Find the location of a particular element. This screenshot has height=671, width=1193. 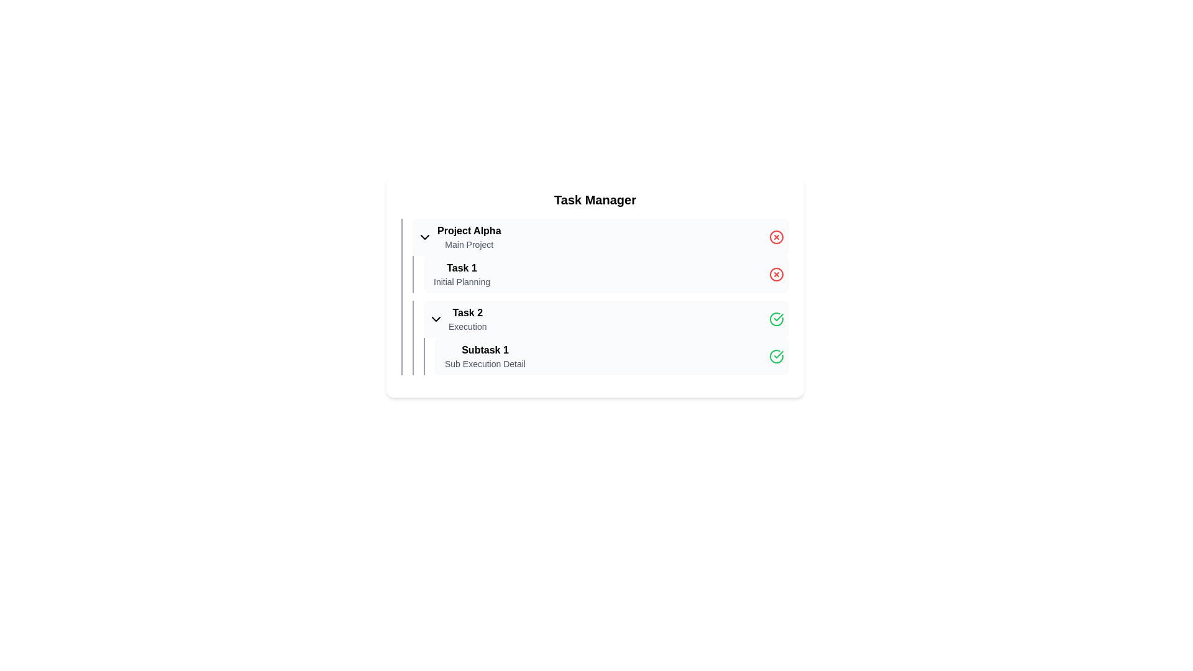

the green checkmark icon within a circle, which indicates a successful state, located at the right-hand side of the Task 2 label in the Task Manager interface is located at coordinates (775, 357).